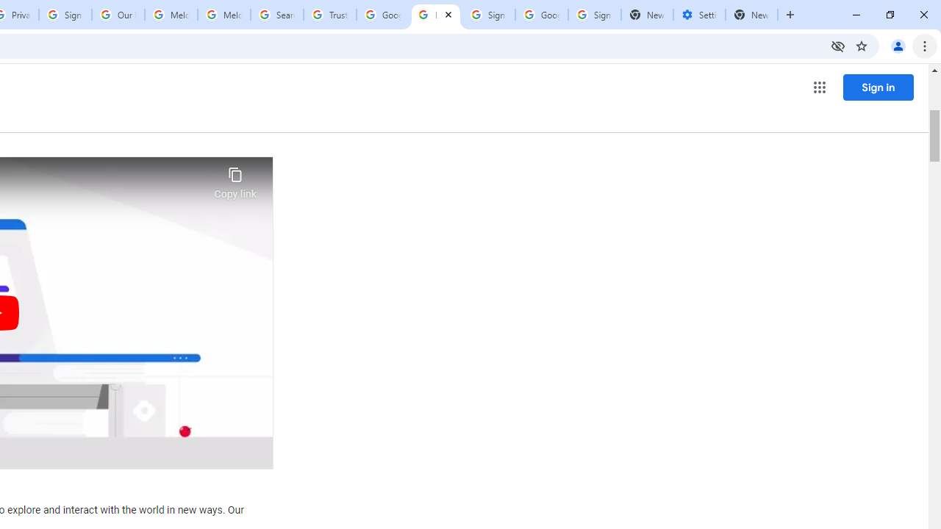 The width and height of the screenshot is (941, 529). What do you see at coordinates (329, 15) in the screenshot?
I see `'Trusted Information and Content - Google Safety Center'` at bounding box center [329, 15].